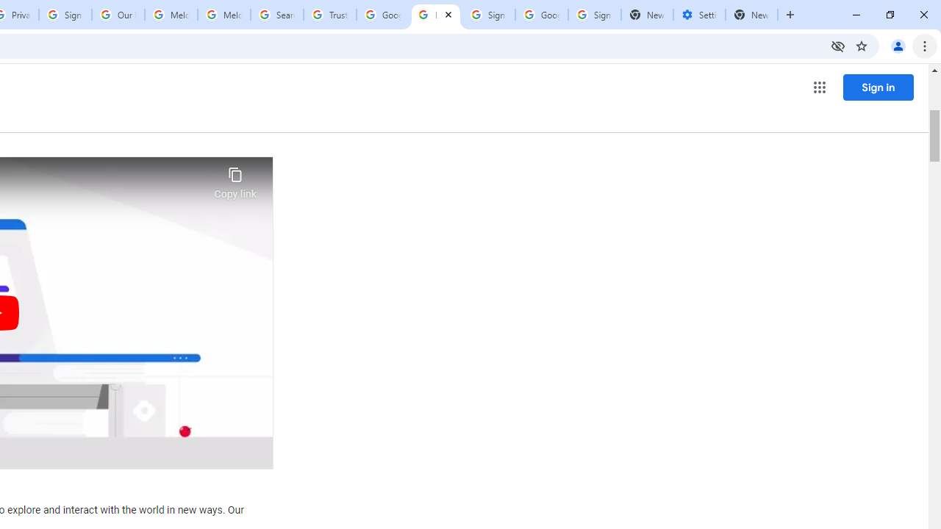 The width and height of the screenshot is (941, 529). What do you see at coordinates (329, 15) in the screenshot?
I see `'Trusted Information and Content - Google Safety Center'` at bounding box center [329, 15].